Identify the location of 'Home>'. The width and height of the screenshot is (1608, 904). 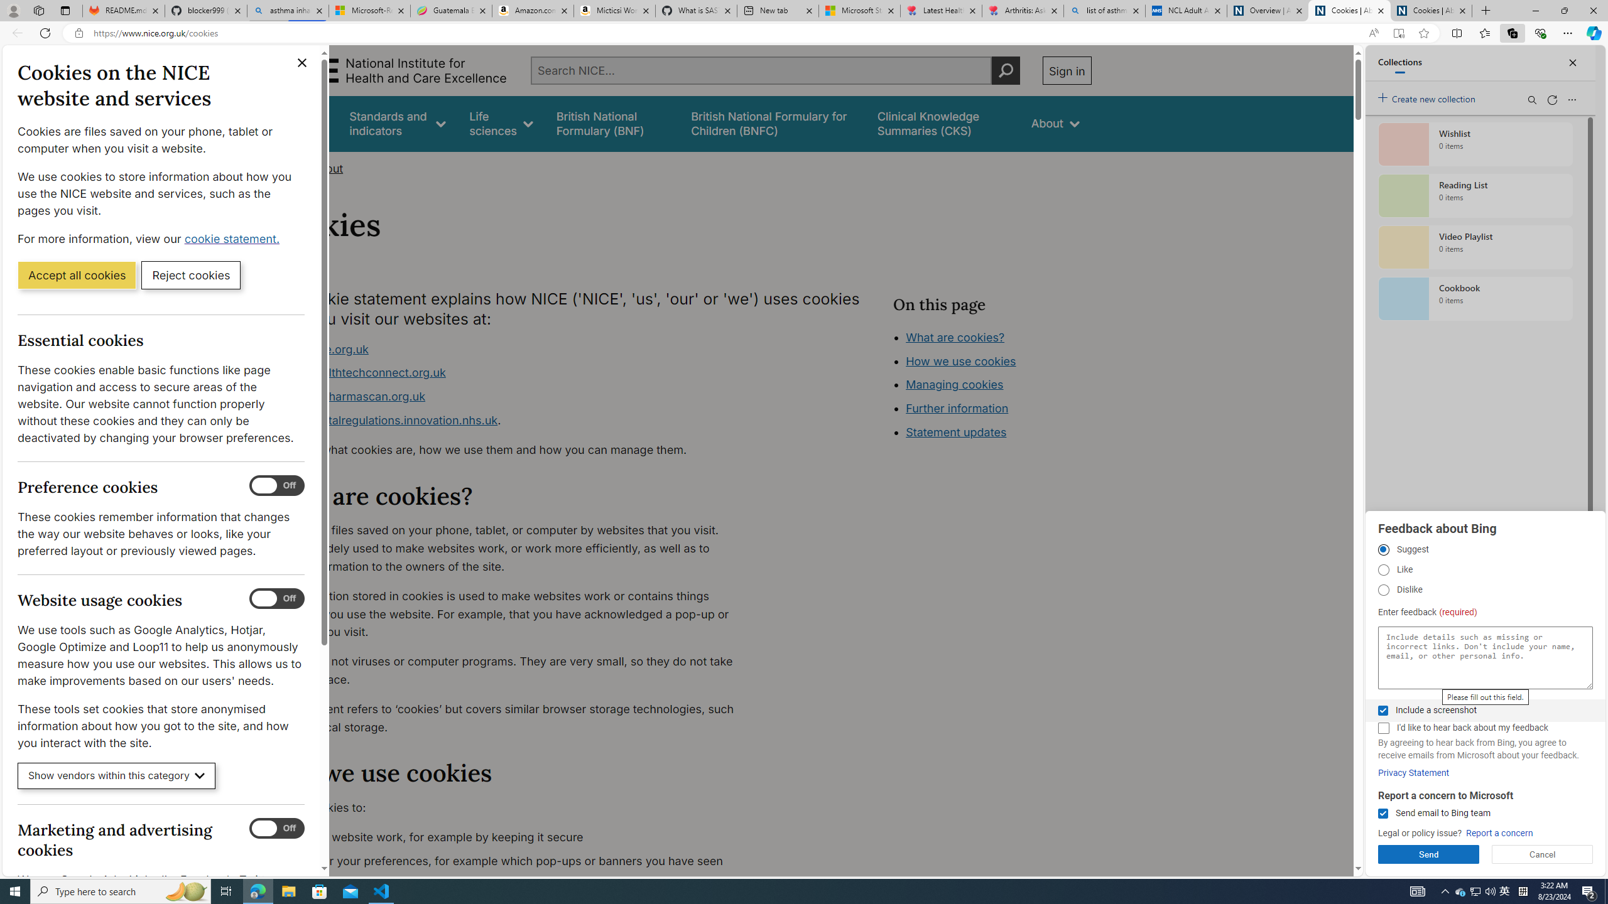
(285, 168).